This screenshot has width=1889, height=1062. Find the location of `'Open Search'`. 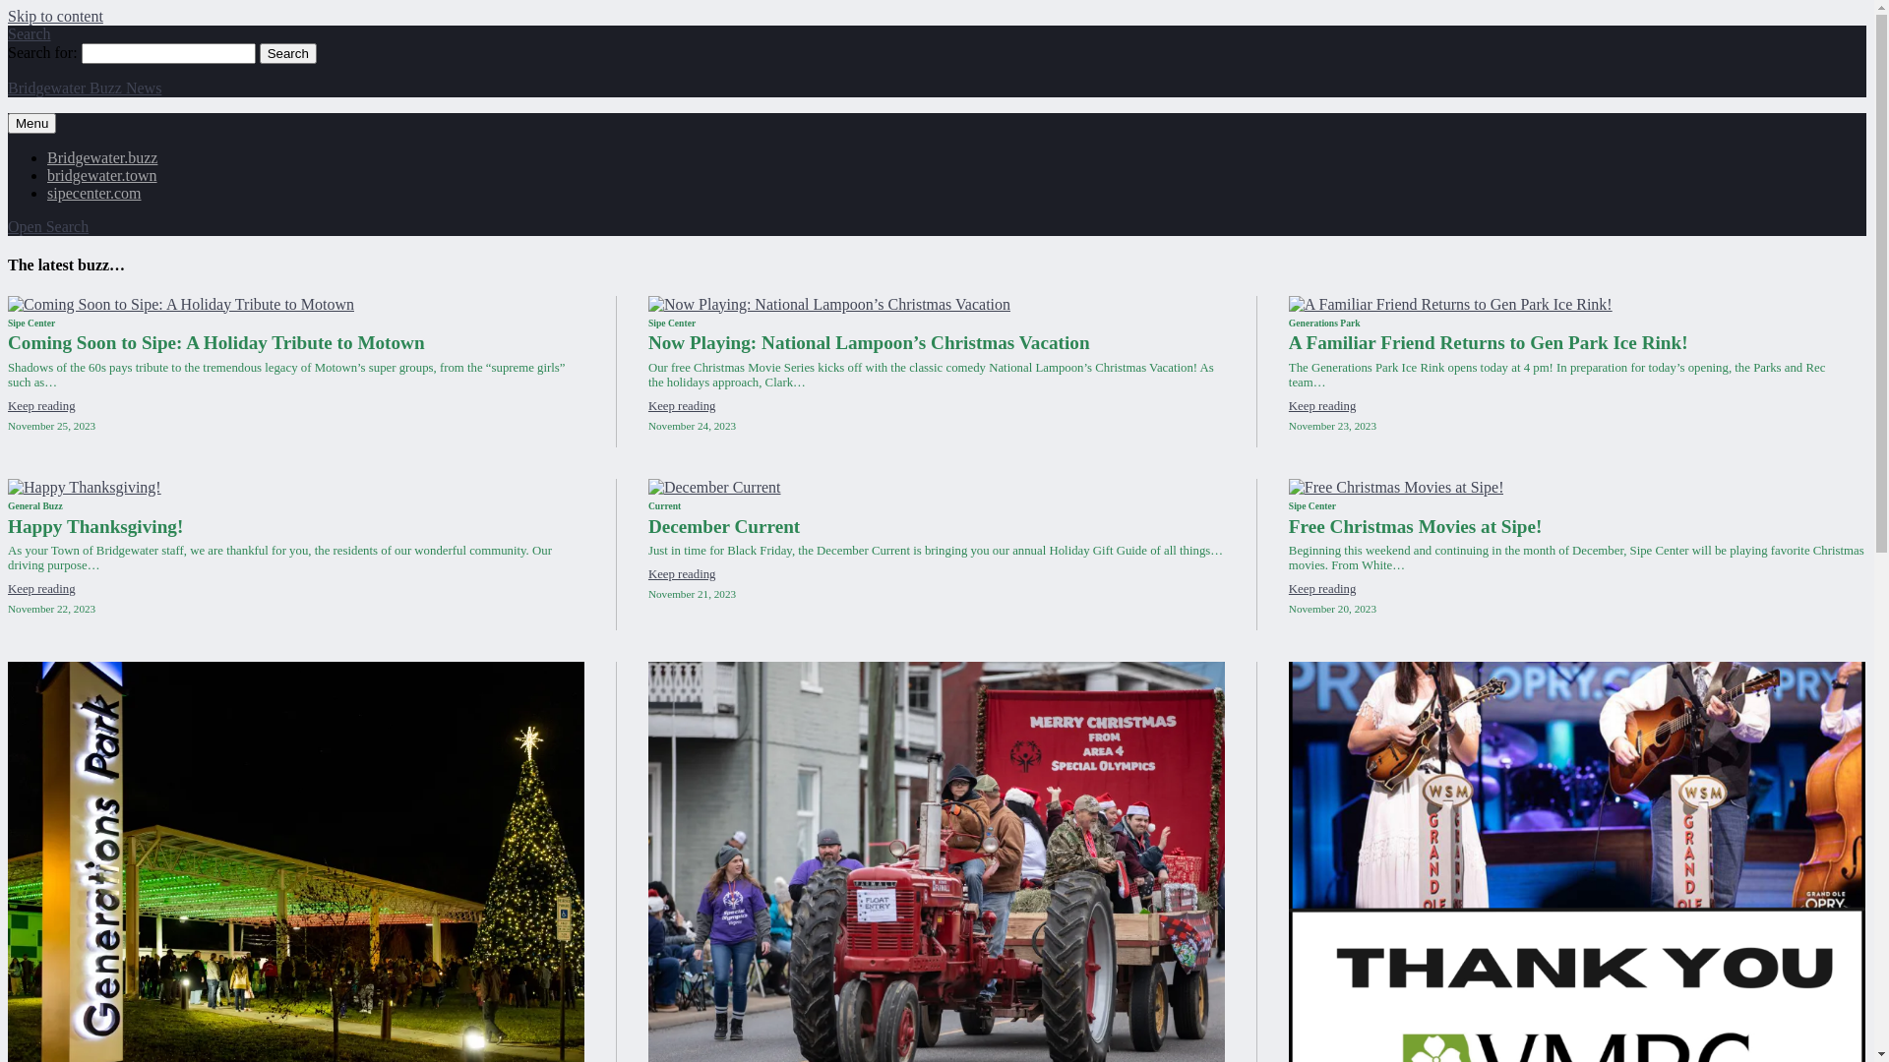

'Open Search' is located at coordinates (8, 225).